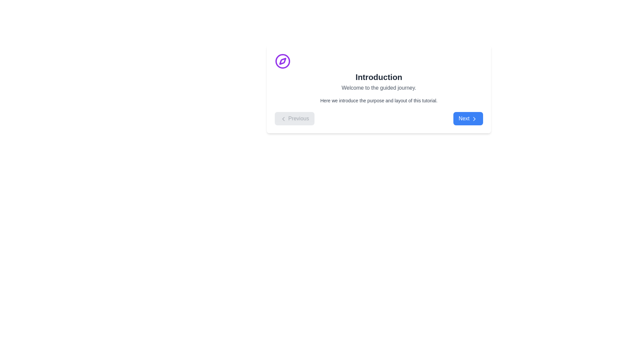 This screenshot has width=641, height=360. I want to click on the leftward-pointing arrow icon within the 'Previous' button located in the bottom-left region of the white card containing the 'Introduction' text, so click(283, 118).